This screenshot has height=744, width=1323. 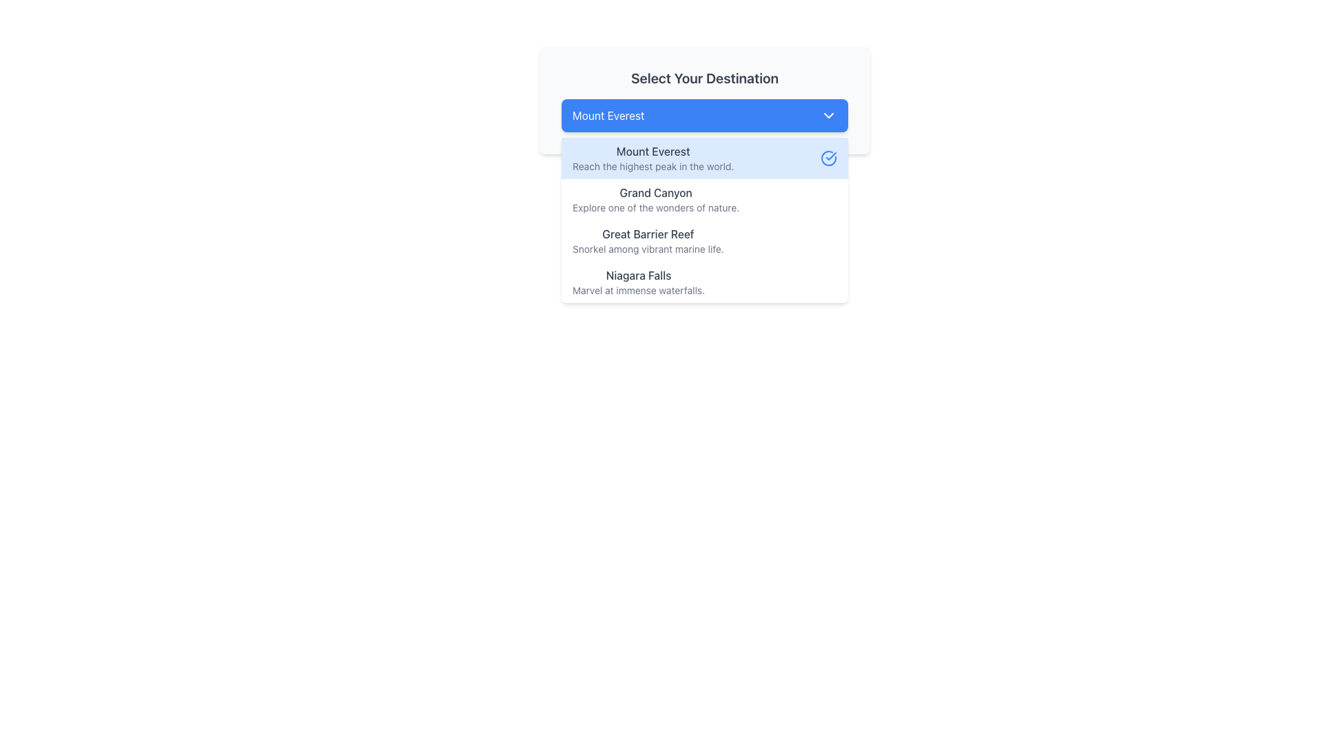 What do you see at coordinates (637, 276) in the screenshot?
I see `text label for the destination 'Niagara Falls' located in the dropdown menu under 'Select Your Destination'` at bounding box center [637, 276].